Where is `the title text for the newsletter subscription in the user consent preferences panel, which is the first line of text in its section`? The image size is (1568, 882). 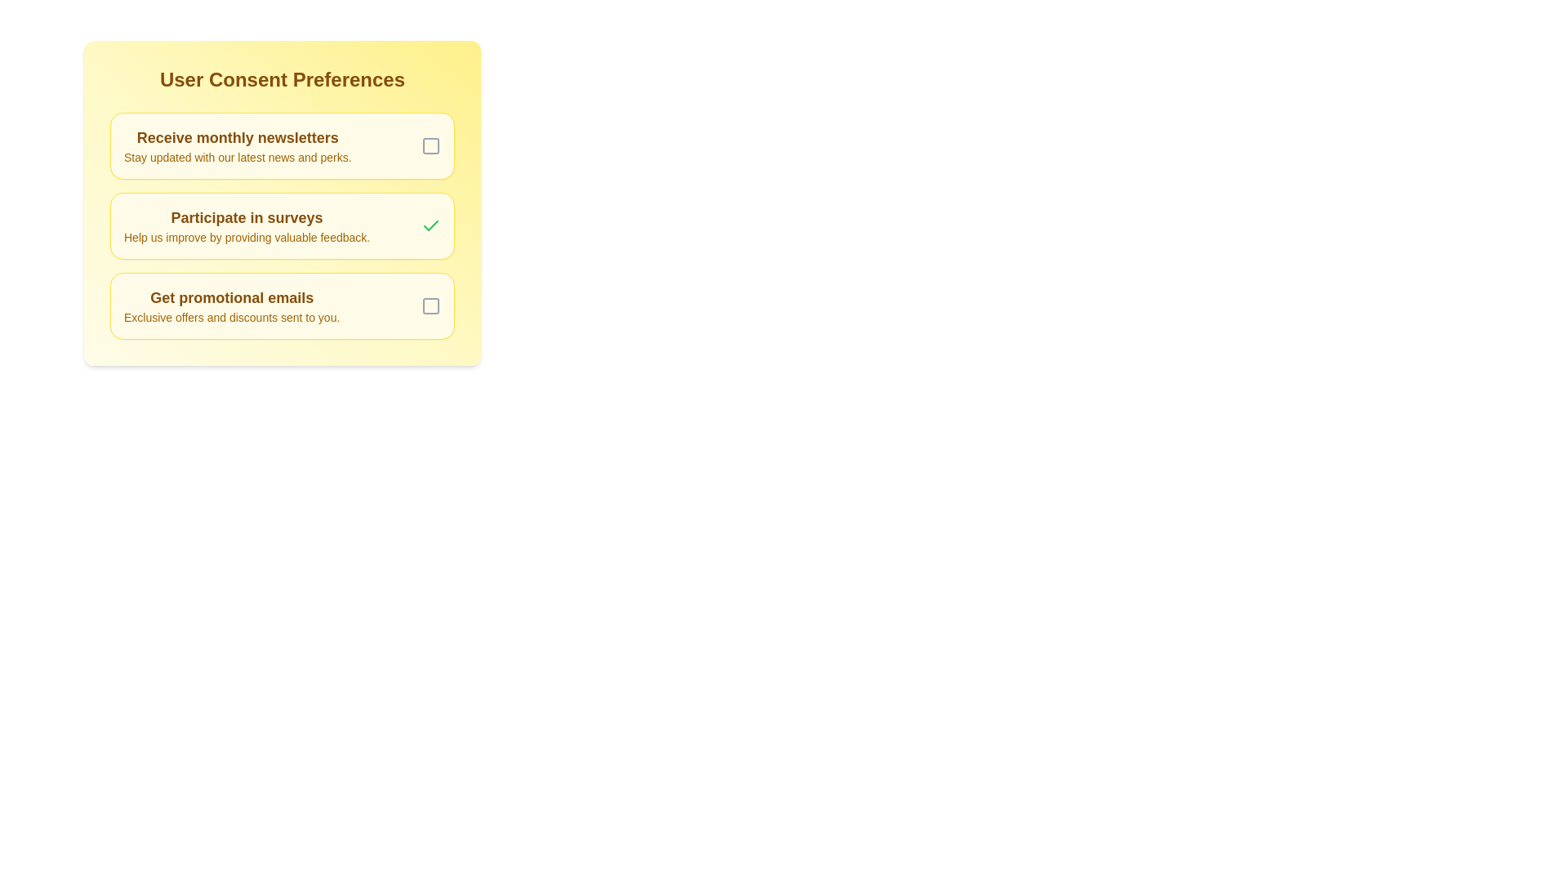 the title text for the newsletter subscription in the user consent preferences panel, which is the first line of text in its section is located at coordinates (237, 137).